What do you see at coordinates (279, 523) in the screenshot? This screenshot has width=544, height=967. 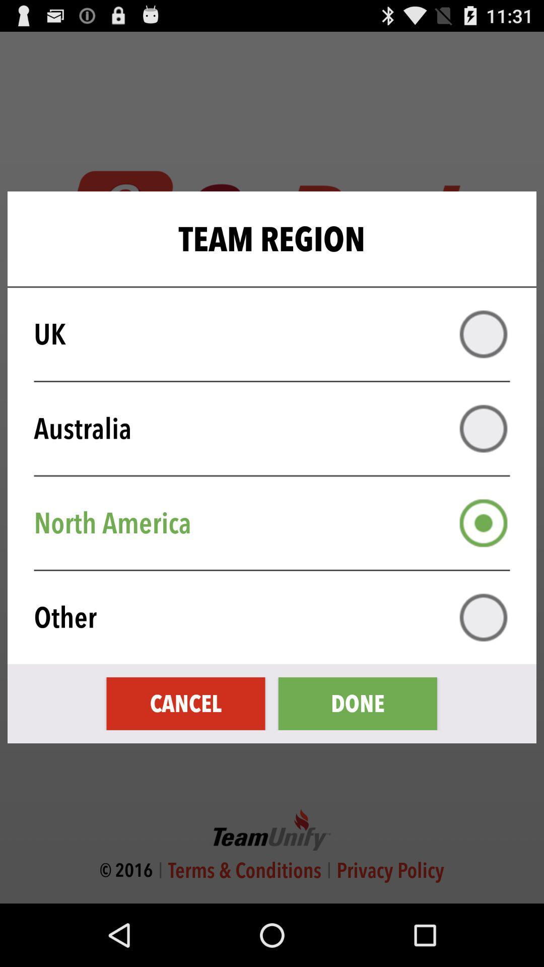 I see `north america item` at bounding box center [279, 523].